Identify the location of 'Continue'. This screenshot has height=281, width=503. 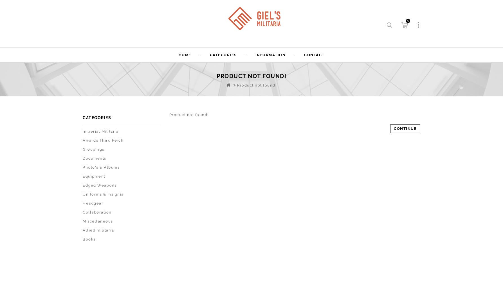
(405, 128).